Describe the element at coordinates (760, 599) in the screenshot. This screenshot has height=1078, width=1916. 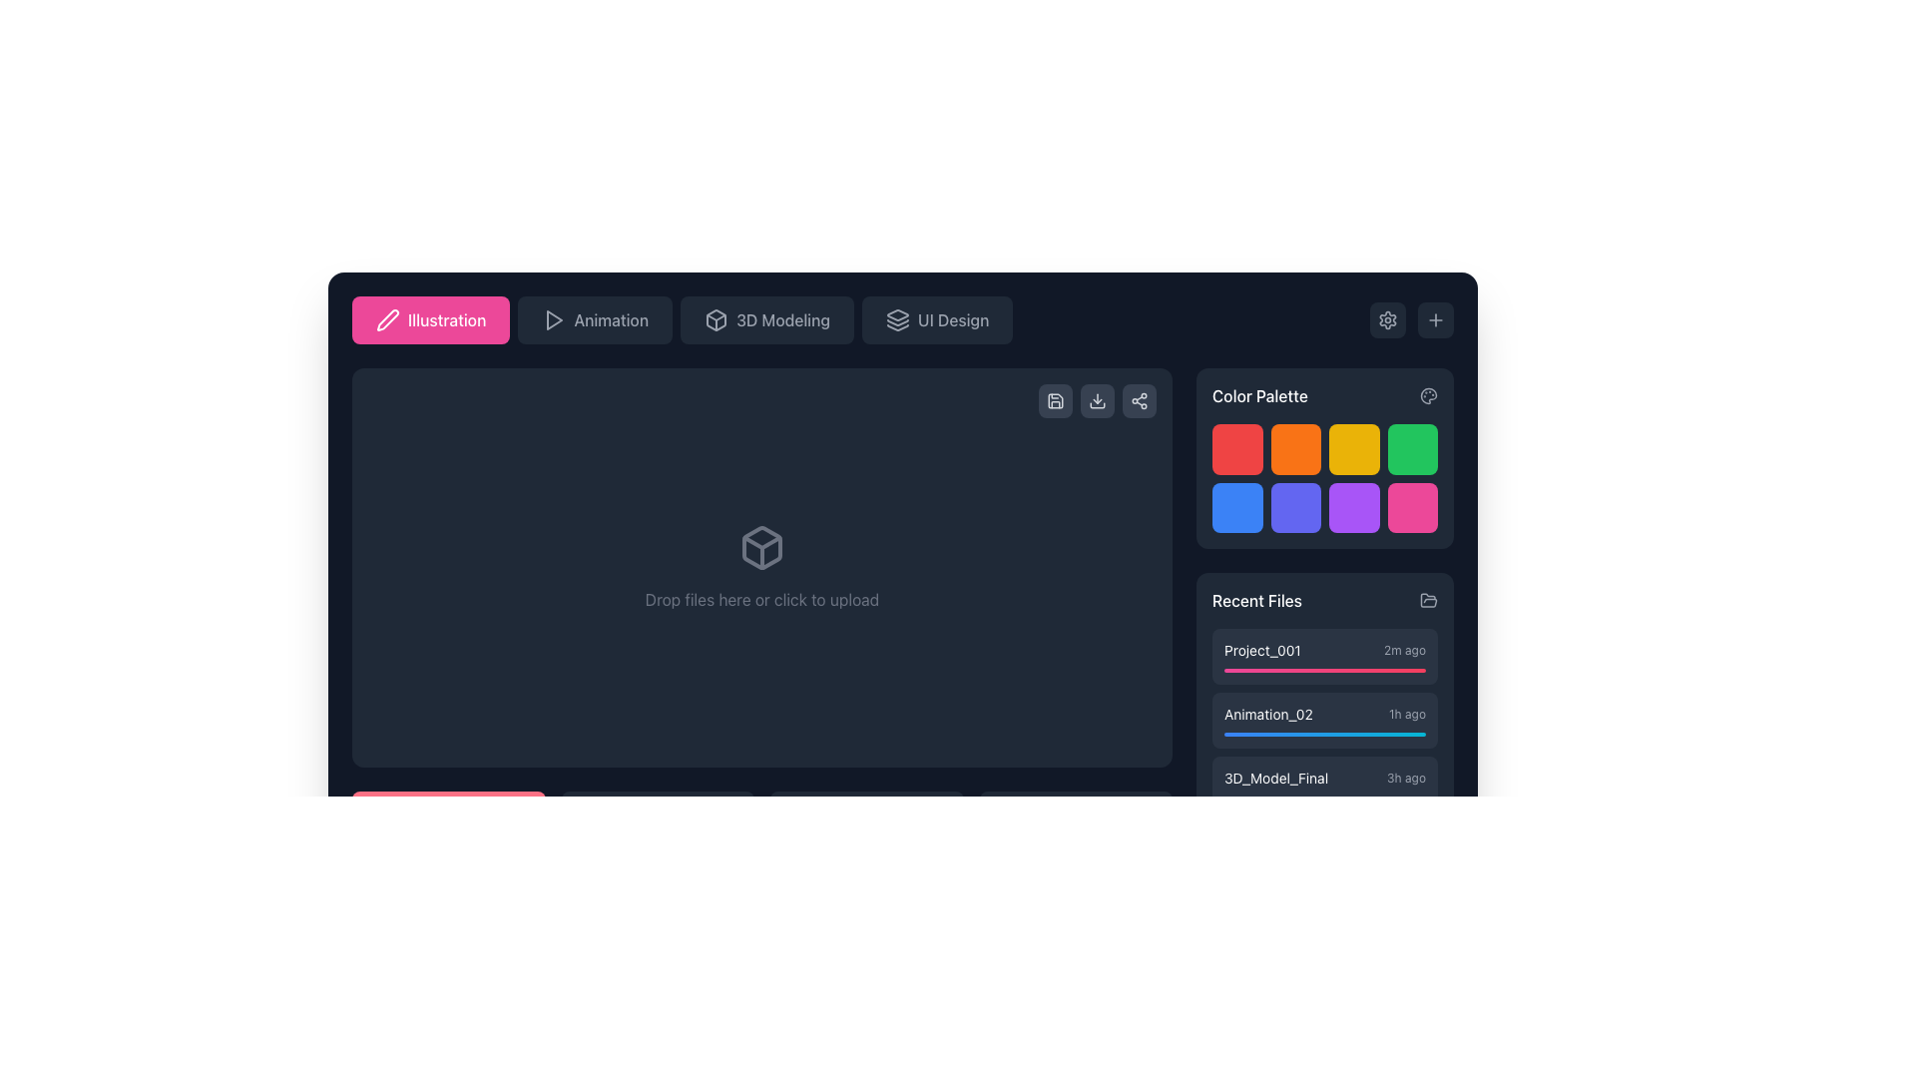
I see `the informational text that guides the user in uploading files, located centrally beneath the 3D box icon` at that location.